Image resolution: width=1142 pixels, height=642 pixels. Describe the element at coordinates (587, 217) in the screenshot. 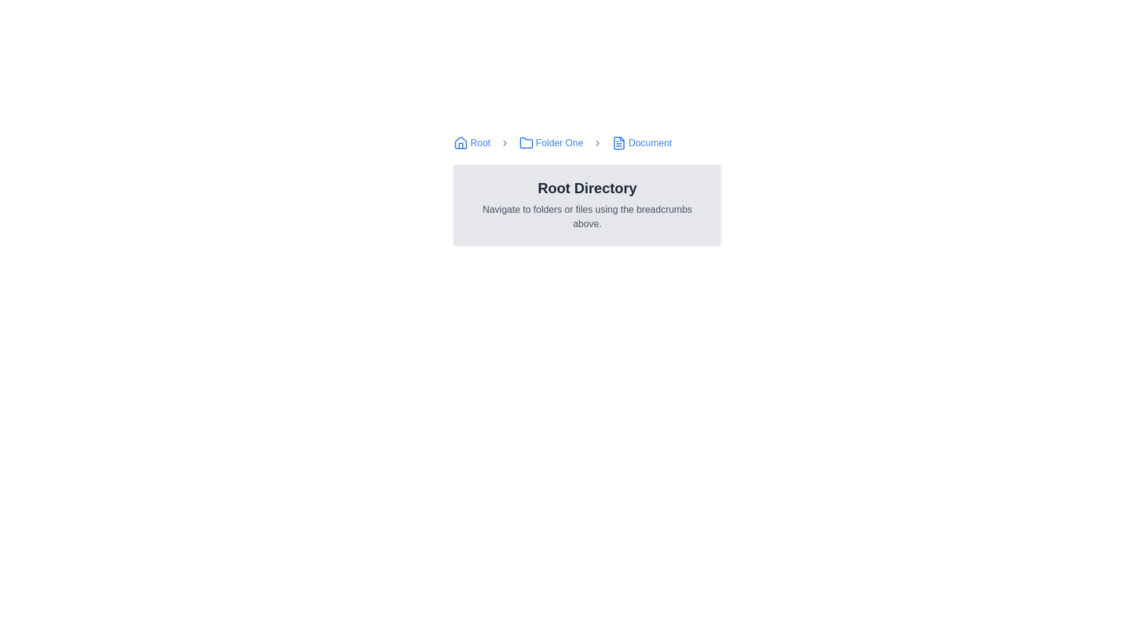

I see `the static text element that reads 'Navigate to folders or files using the breadcrumbs above.' which is located beneath the bold heading 'Root Directory.'` at that location.